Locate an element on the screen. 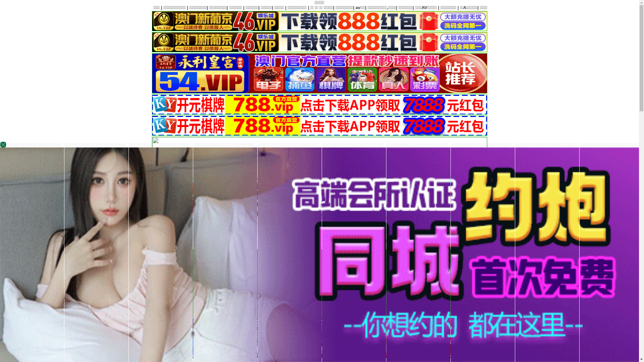  '|' is located at coordinates (462, 7).